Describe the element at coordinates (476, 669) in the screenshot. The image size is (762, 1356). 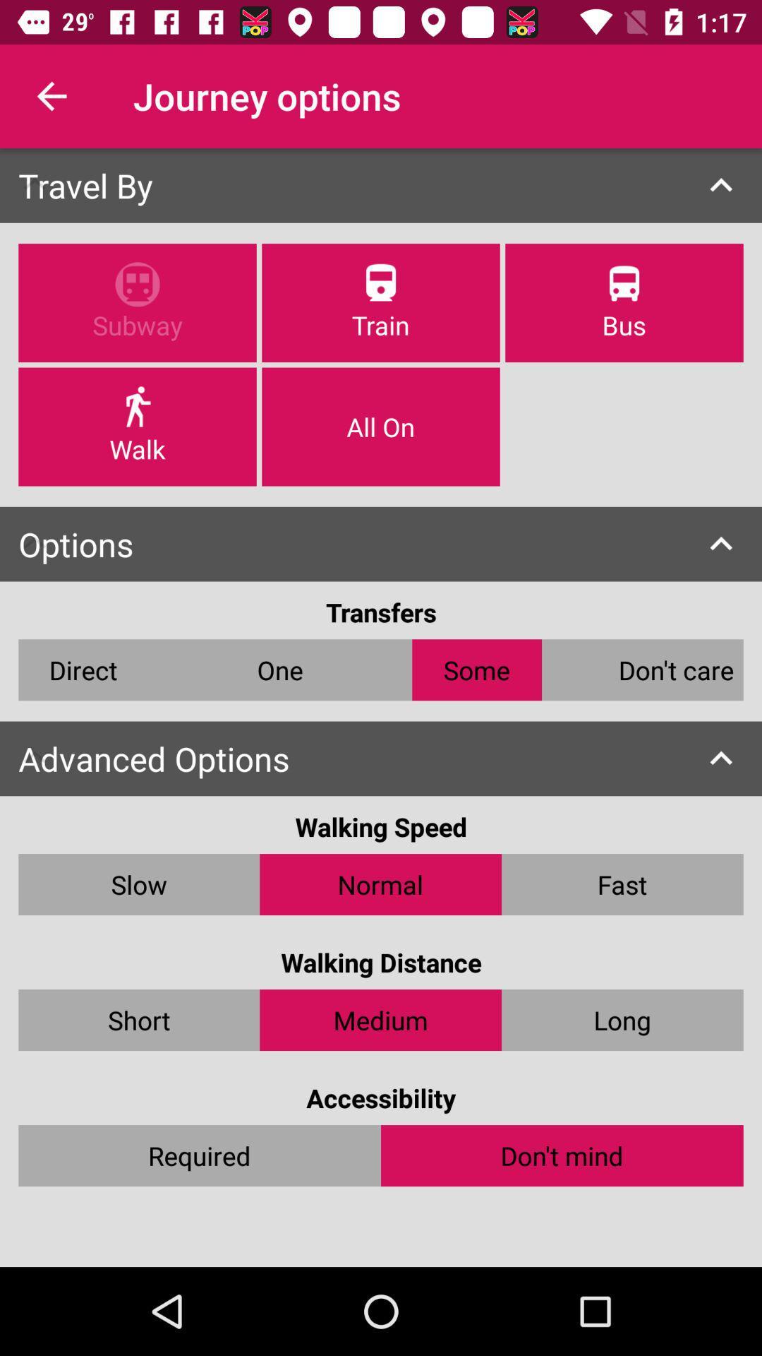
I see `icon below the transfers` at that location.